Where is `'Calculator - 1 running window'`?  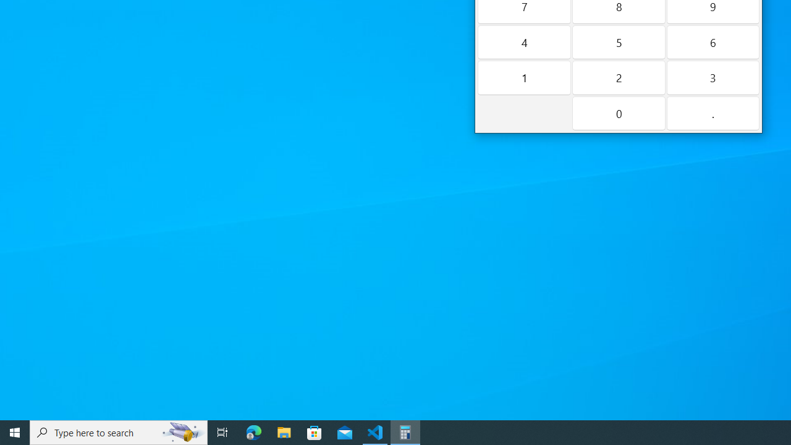 'Calculator - 1 running window' is located at coordinates (405, 431).